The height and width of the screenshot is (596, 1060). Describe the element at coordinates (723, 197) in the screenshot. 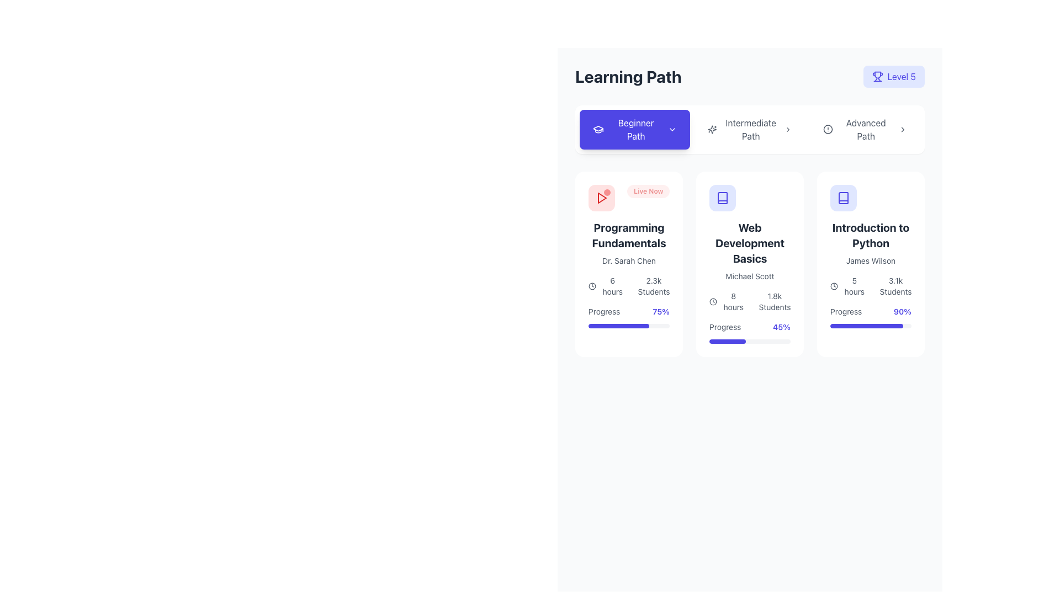

I see `the central icon representing the educational theme in the card titled 'Web Development Basics', located in the middle of the second card from the left` at that location.